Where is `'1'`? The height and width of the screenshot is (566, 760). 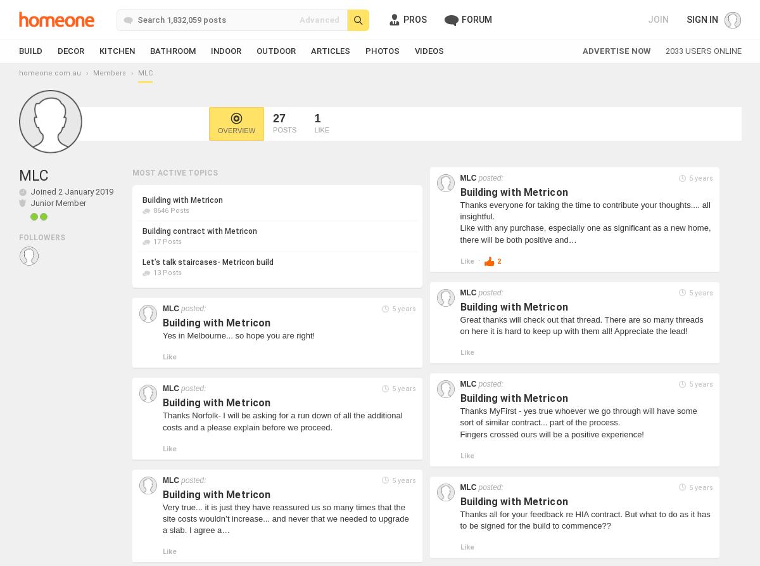 '1' is located at coordinates (313, 117).